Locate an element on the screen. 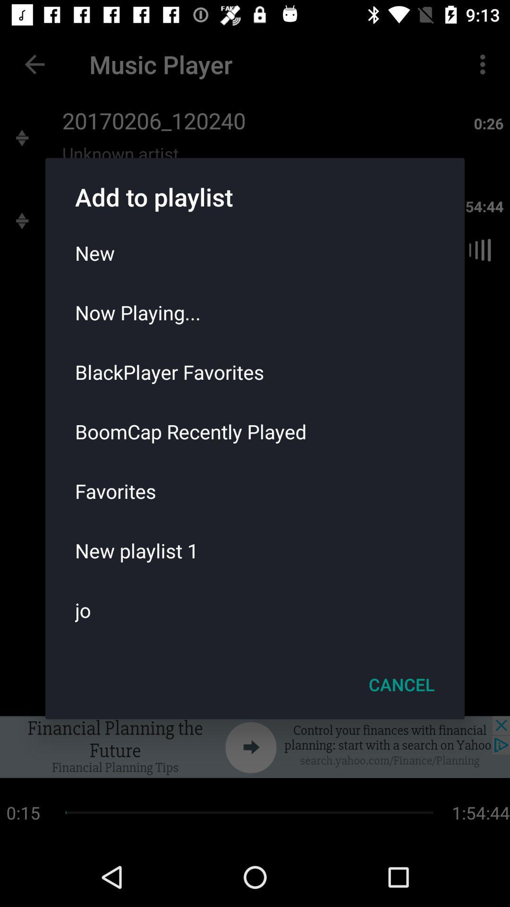 The height and width of the screenshot is (907, 510). the cancel icon is located at coordinates (401, 685).